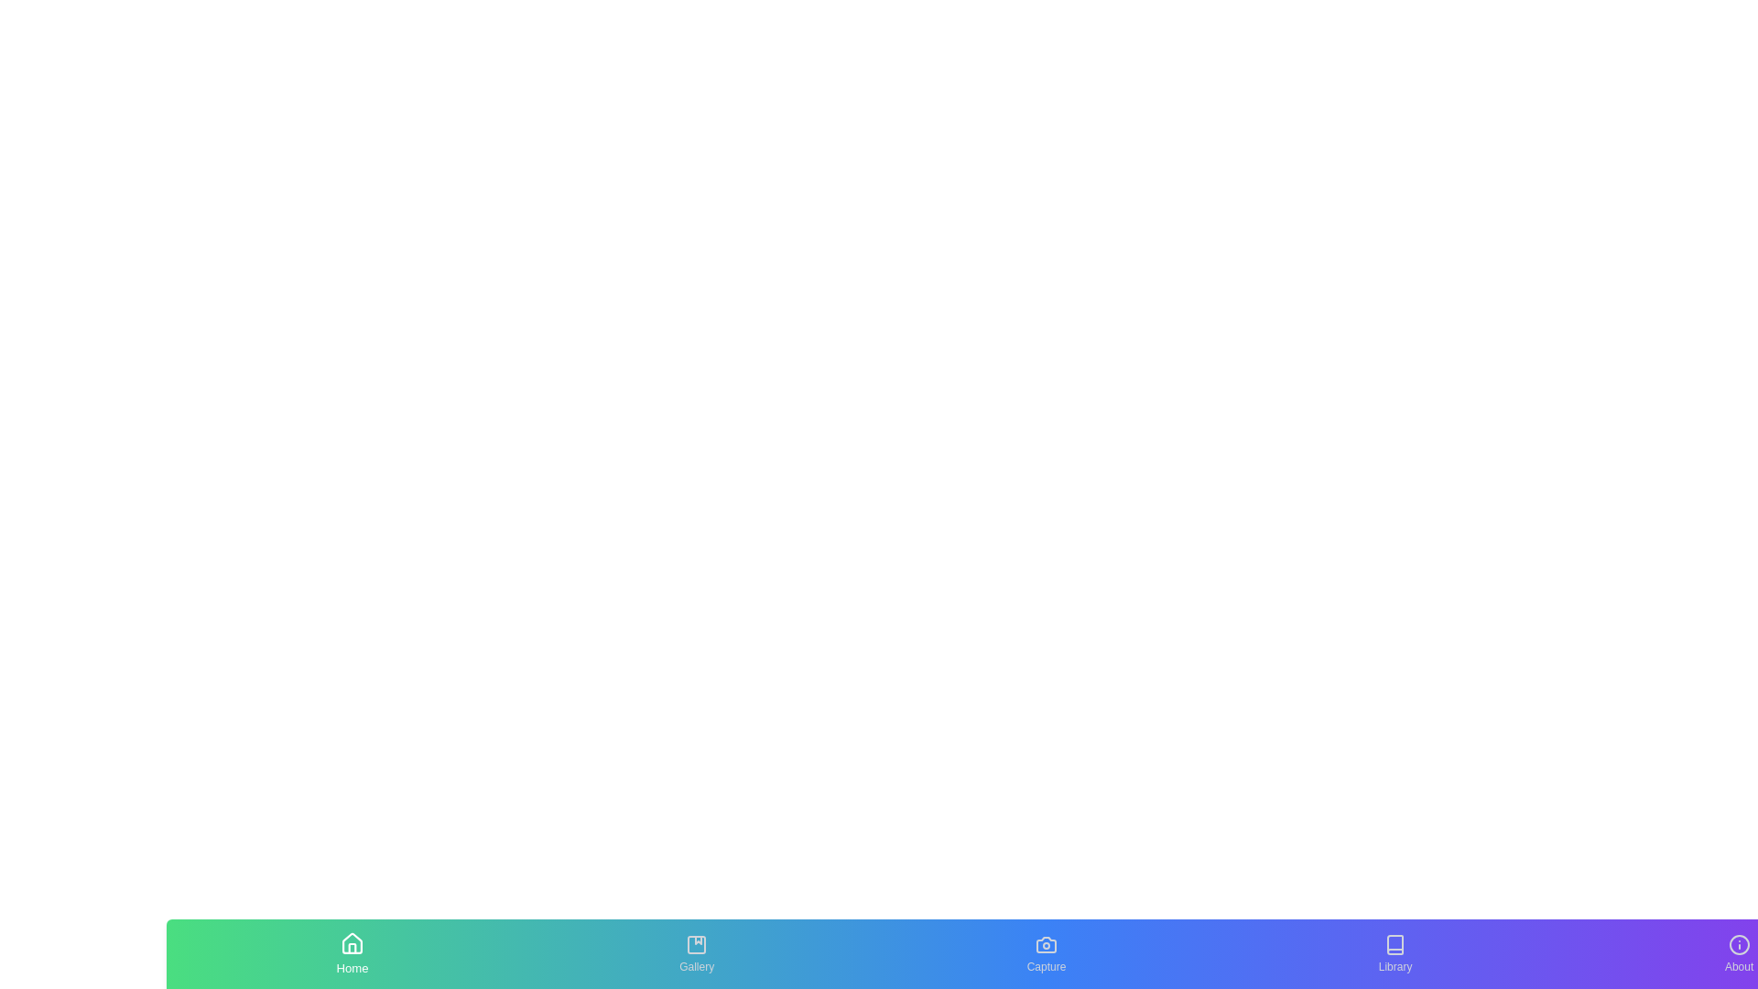 This screenshot has height=989, width=1758. Describe the element at coordinates (1046, 952) in the screenshot. I see `the tab labeled Capture to inspect its text` at that location.